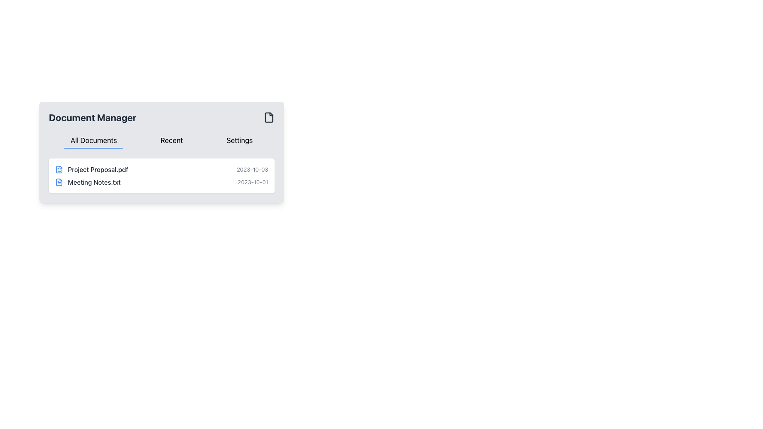 The width and height of the screenshot is (763, 429). Describe the element at coordinates (252, 169) in the screenshot. I see `the gray-styled text displaying the date '2023-10-03', which is positioned at the far-right of the row containing 'Project Proposal.pdf'` at that location.